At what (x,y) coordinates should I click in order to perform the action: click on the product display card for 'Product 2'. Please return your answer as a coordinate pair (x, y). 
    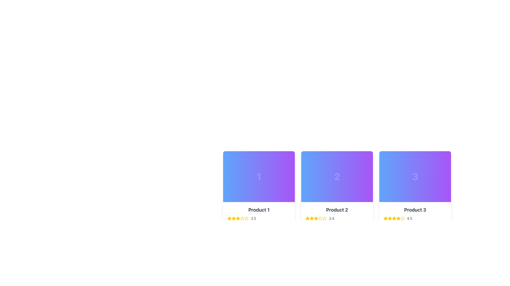
    Looking at the image, I should click on (337, 179).